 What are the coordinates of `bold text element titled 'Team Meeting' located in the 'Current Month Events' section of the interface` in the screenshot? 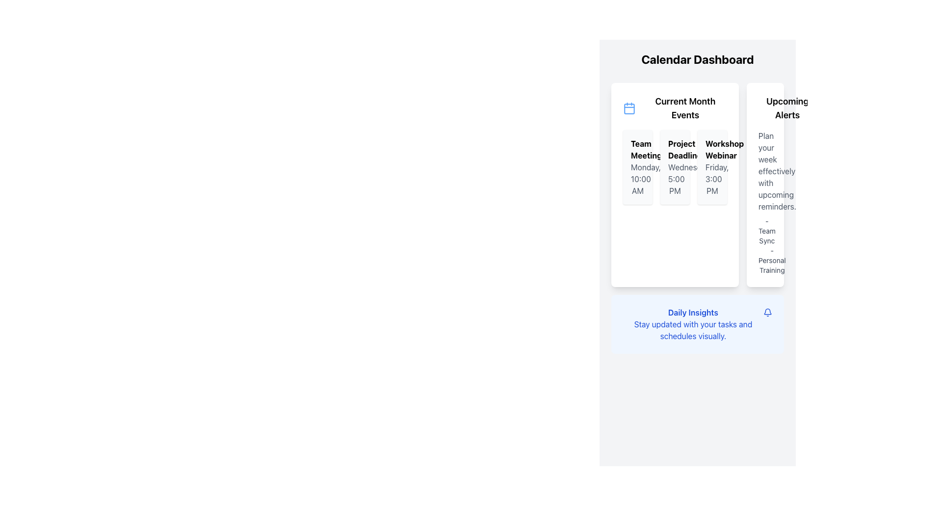 It's located at (638, 149).